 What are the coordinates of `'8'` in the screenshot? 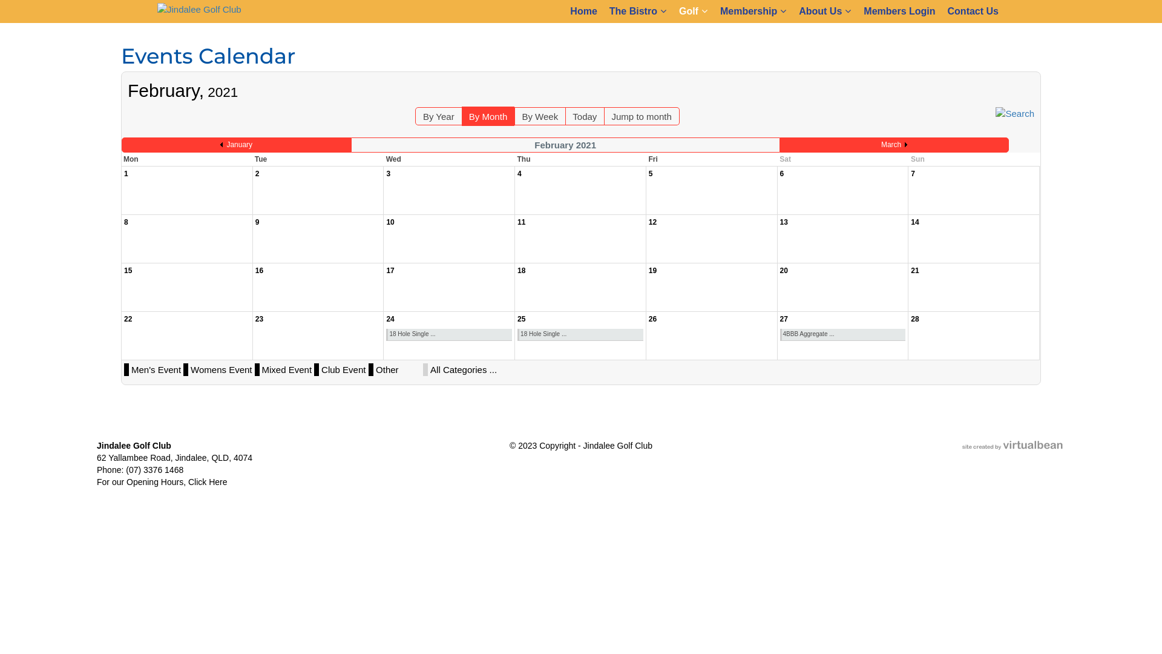 It's located at (126, 222).